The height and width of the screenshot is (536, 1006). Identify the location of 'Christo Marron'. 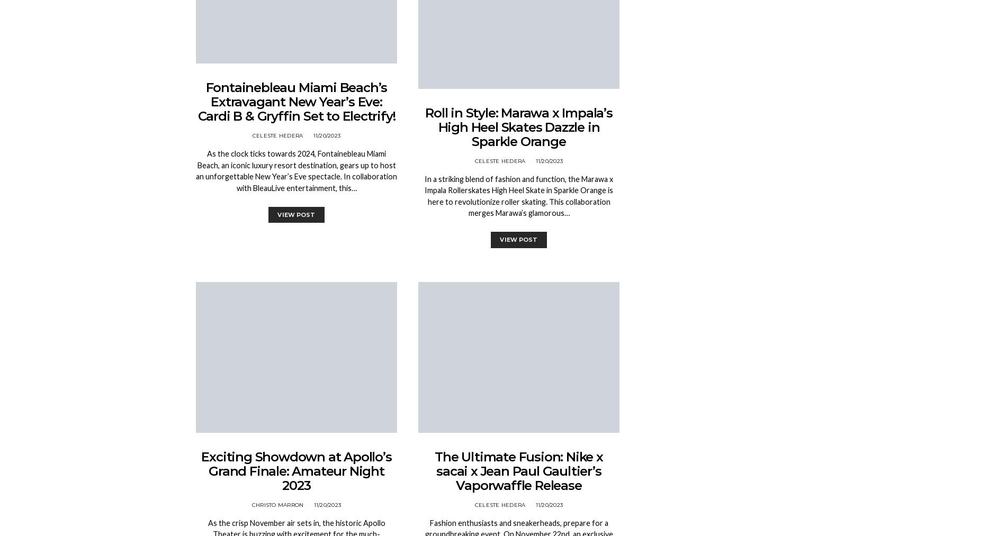
(277, 504).